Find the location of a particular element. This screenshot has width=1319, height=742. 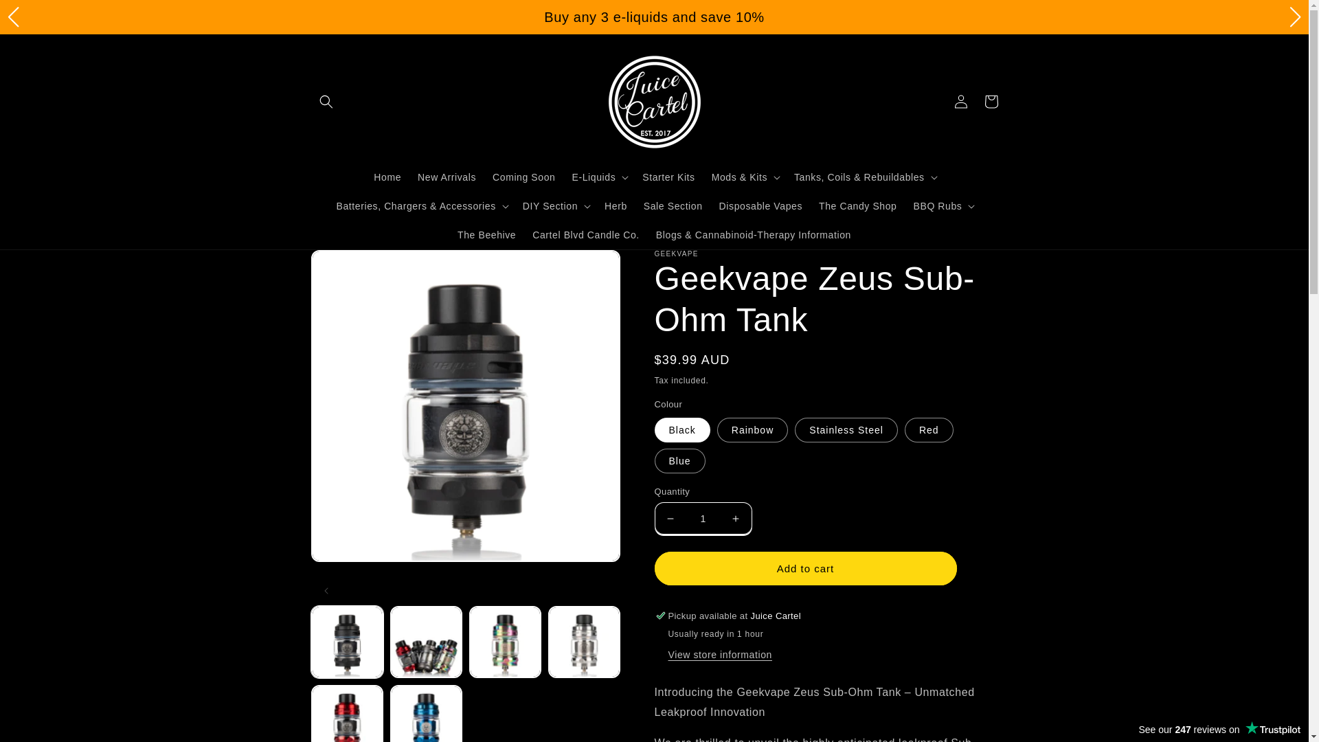

'The Candy Shop' is located at coordinates (857, 206).